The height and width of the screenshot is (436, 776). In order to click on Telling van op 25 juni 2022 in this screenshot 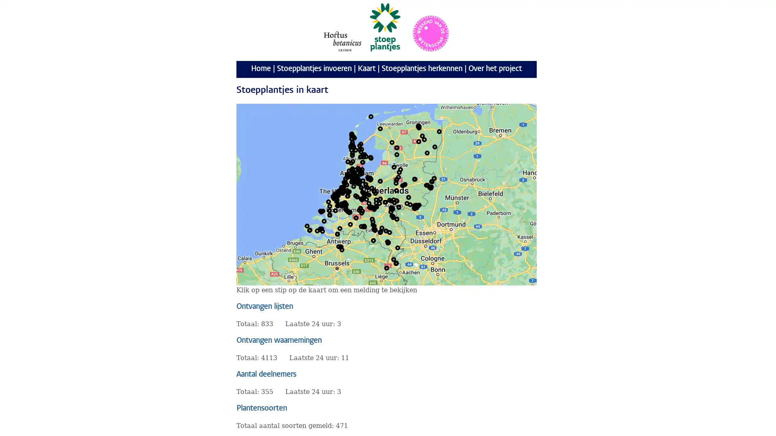, I will do `click(397, 147)`.